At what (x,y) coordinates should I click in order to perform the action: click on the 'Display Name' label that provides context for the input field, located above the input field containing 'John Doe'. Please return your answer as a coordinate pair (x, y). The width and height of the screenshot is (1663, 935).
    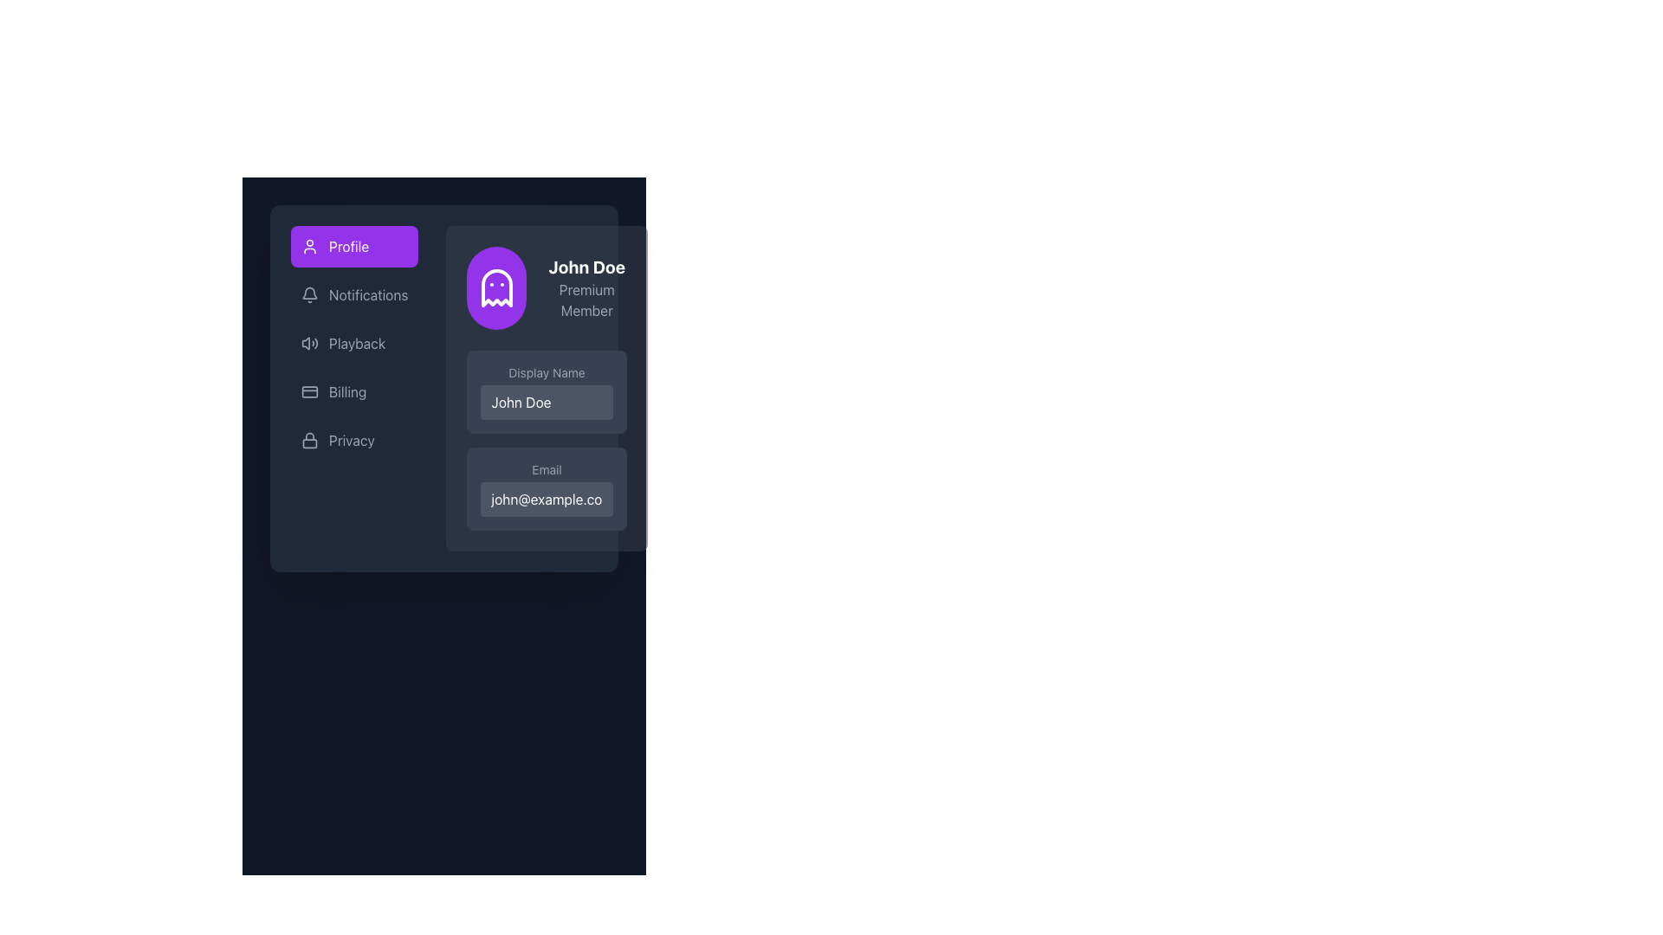
    Looking at the image, I should click on (546, 372).